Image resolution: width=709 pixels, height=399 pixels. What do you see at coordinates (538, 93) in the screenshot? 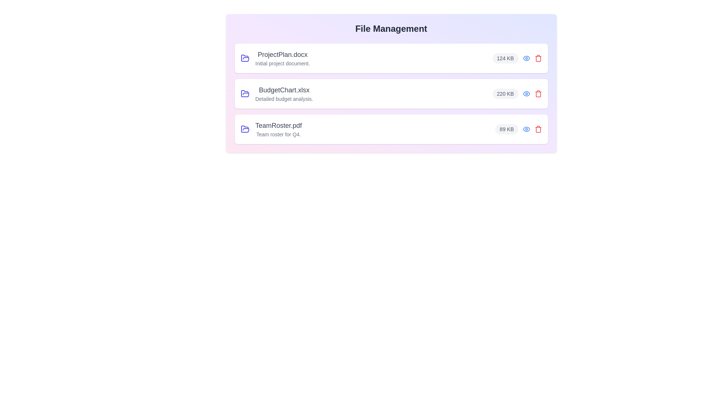
I see `the trash icon to delete the file BudgetChart.xlsx` at bounding box center [538, 93].